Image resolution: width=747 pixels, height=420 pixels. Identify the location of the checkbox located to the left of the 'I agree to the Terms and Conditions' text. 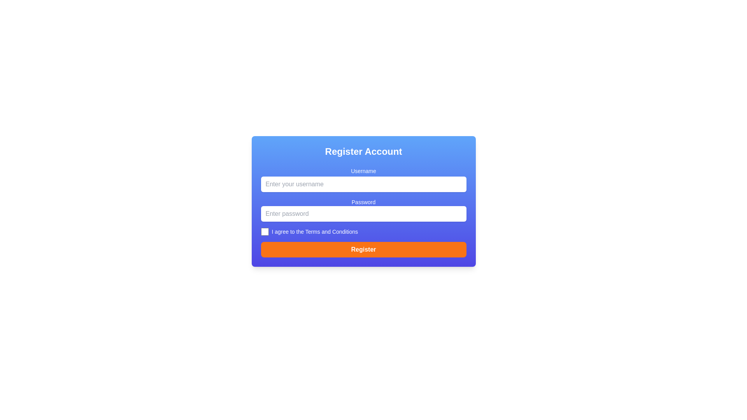
(265, 231).